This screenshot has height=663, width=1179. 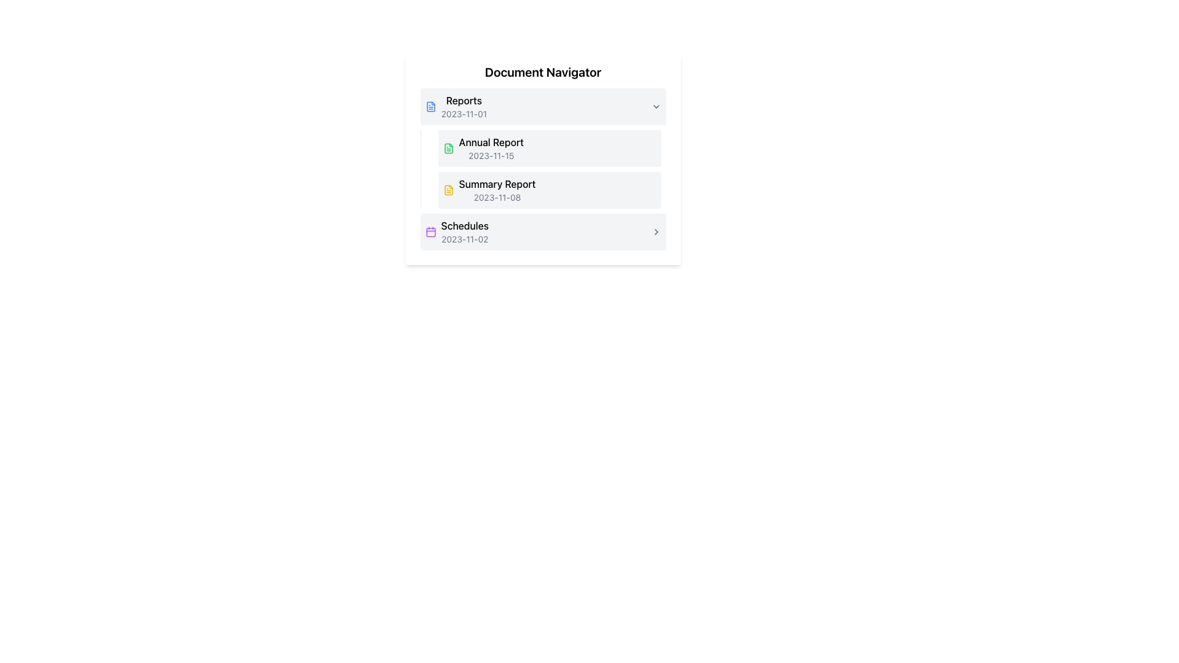 What do you see at coordinates (430, 106) in the screenshot?
I see `the file icon representing the 'Reports' label located in the 'Document Navigator' panel, positioned above other entries in the vertical list` at bounding box center [430, 106].